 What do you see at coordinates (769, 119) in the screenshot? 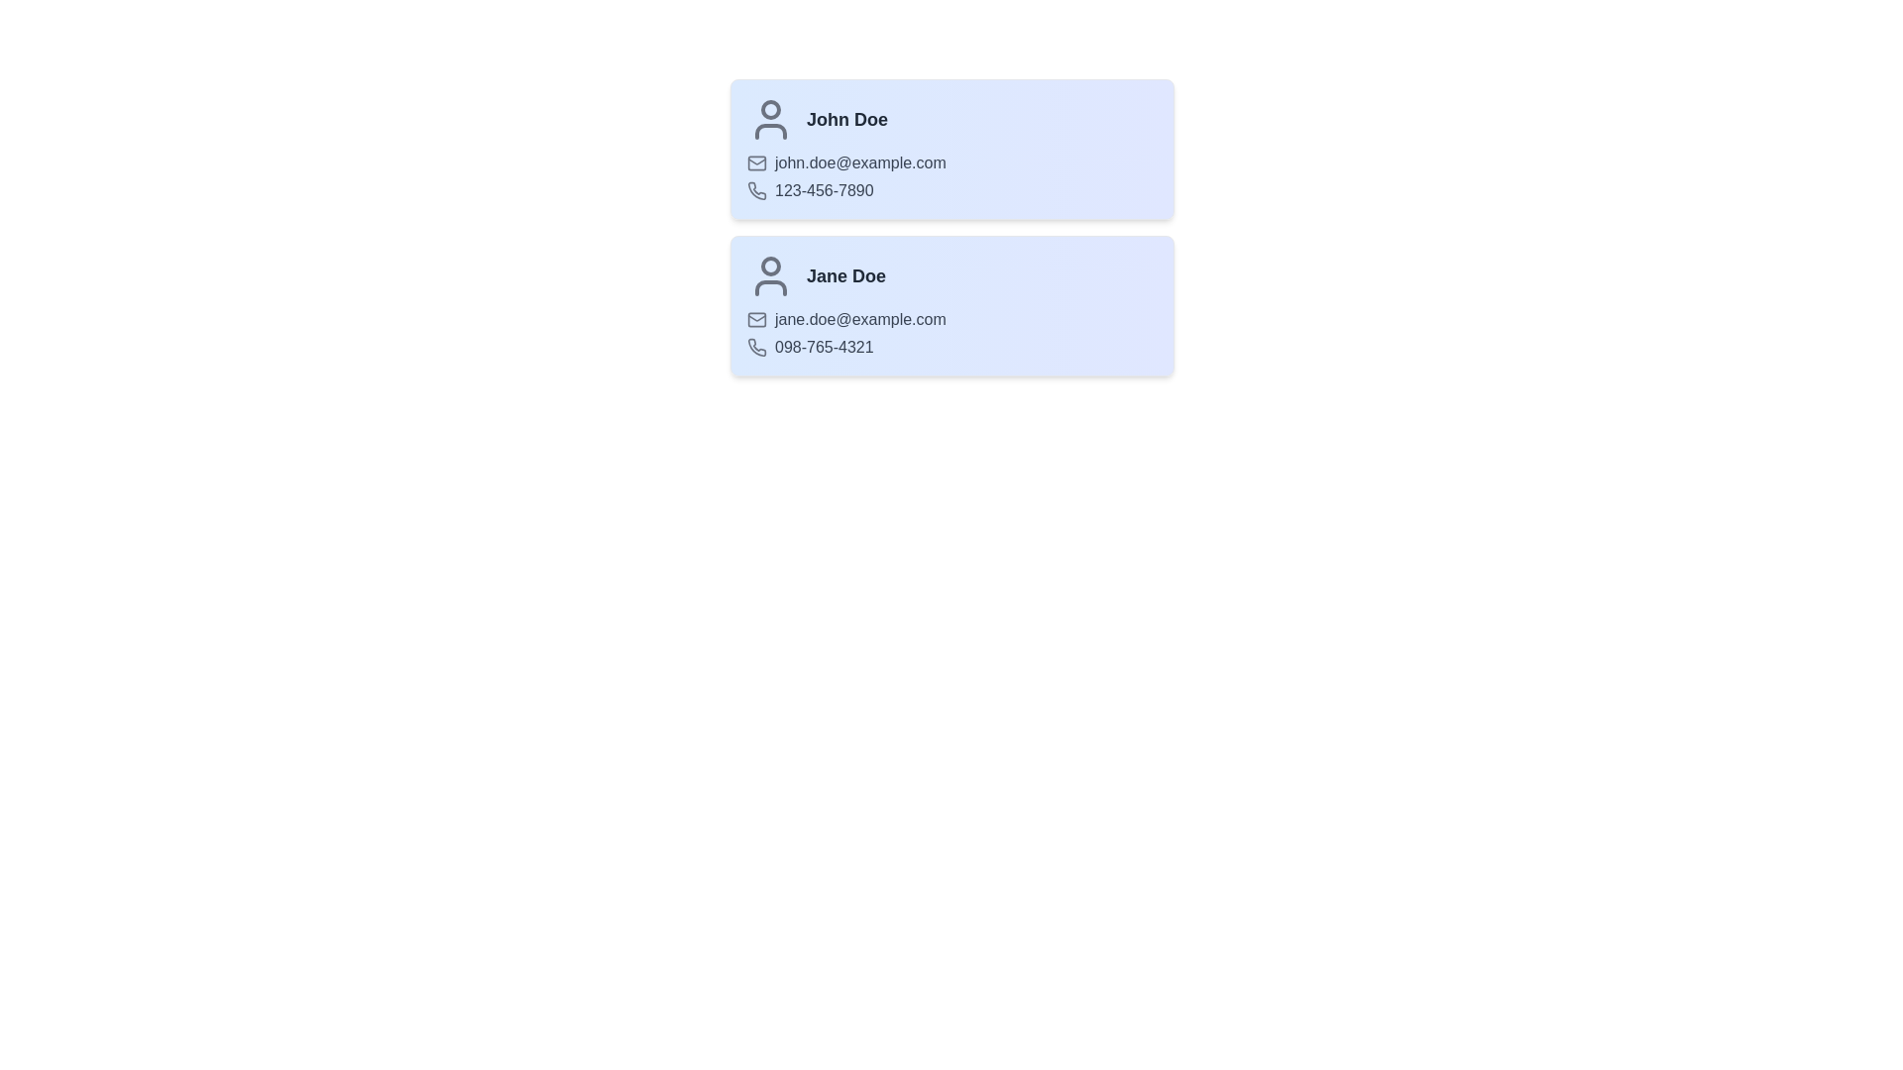
I see `the user icon in the UserProfileCard component` at bounding box center [769, 119].